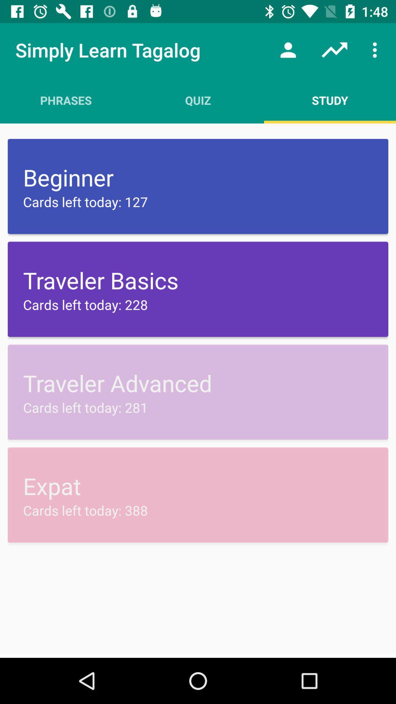 The width and height of the screenshot is (396, 704). I want to click on item next to quiz app, so click(329, 100).